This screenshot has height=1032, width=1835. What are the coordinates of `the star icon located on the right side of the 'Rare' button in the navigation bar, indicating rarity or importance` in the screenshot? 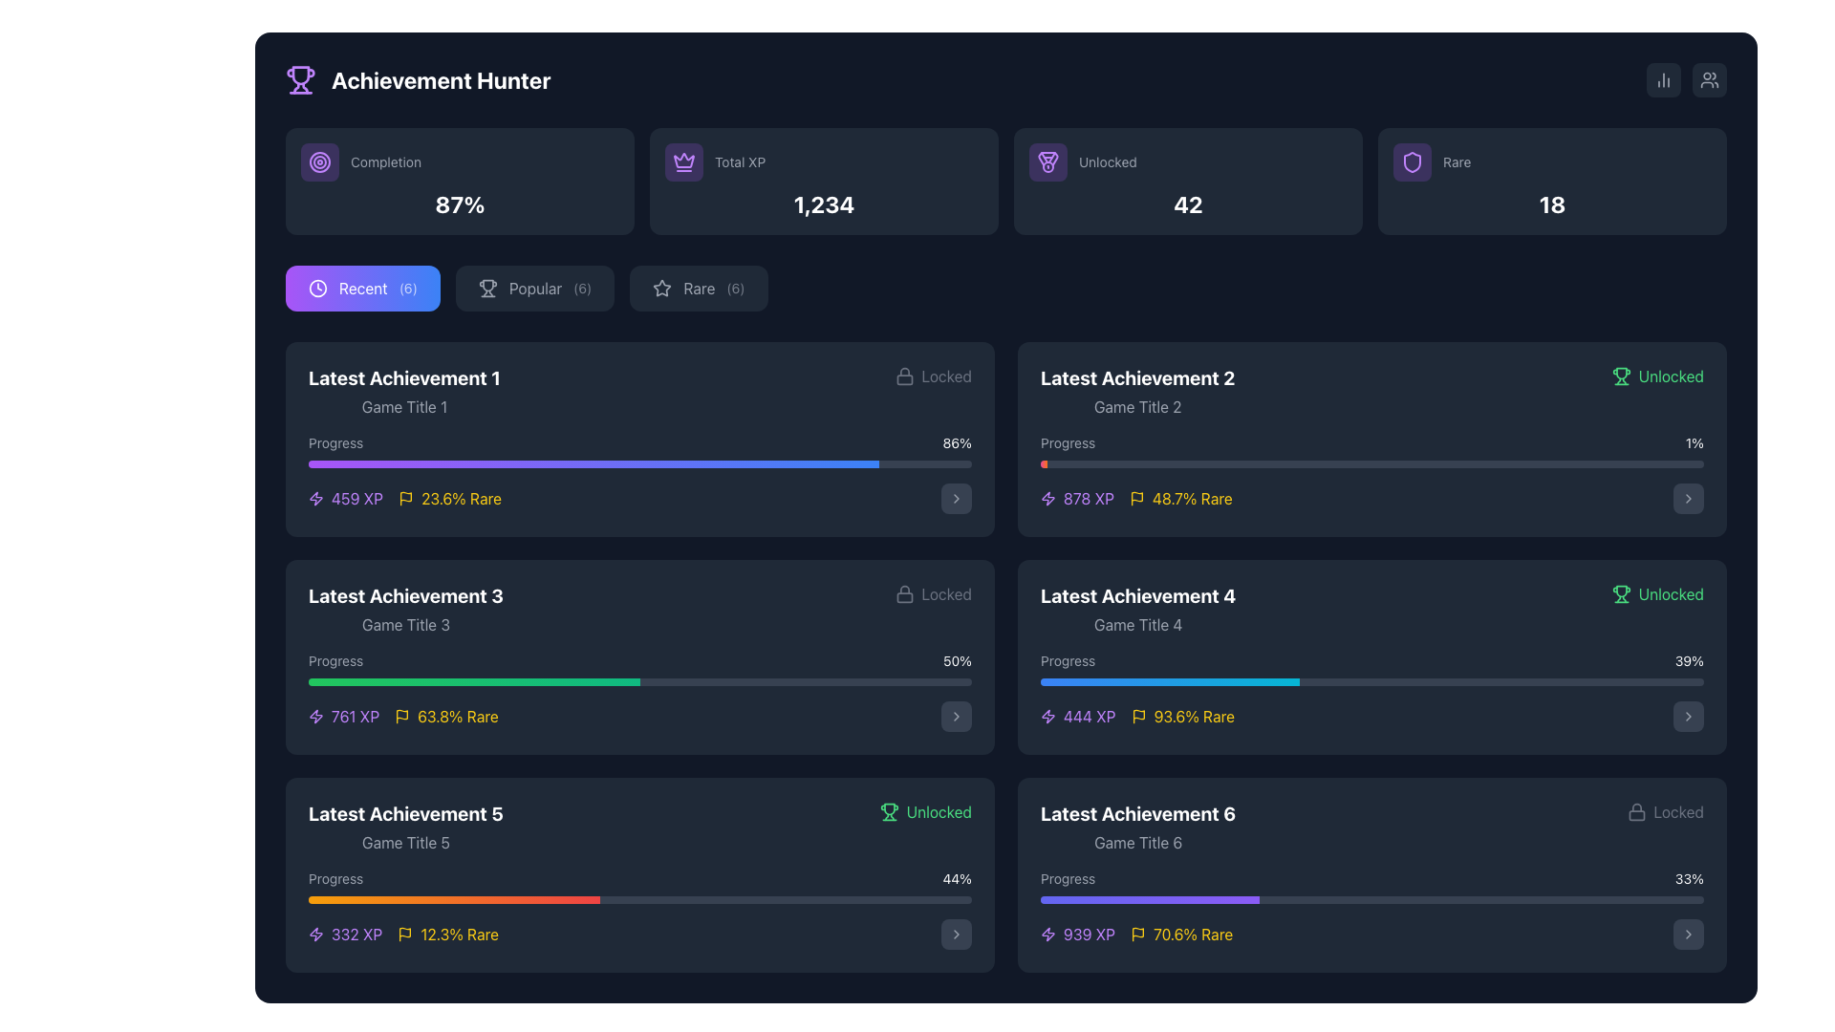 It's located at (662, 288).